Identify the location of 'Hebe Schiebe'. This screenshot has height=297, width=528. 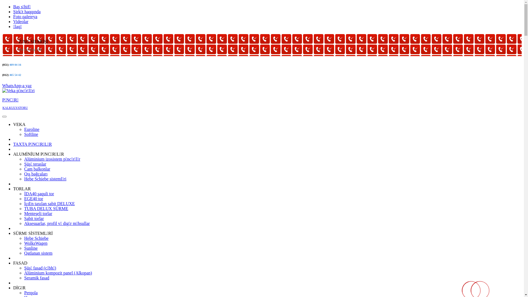
(24, 238).